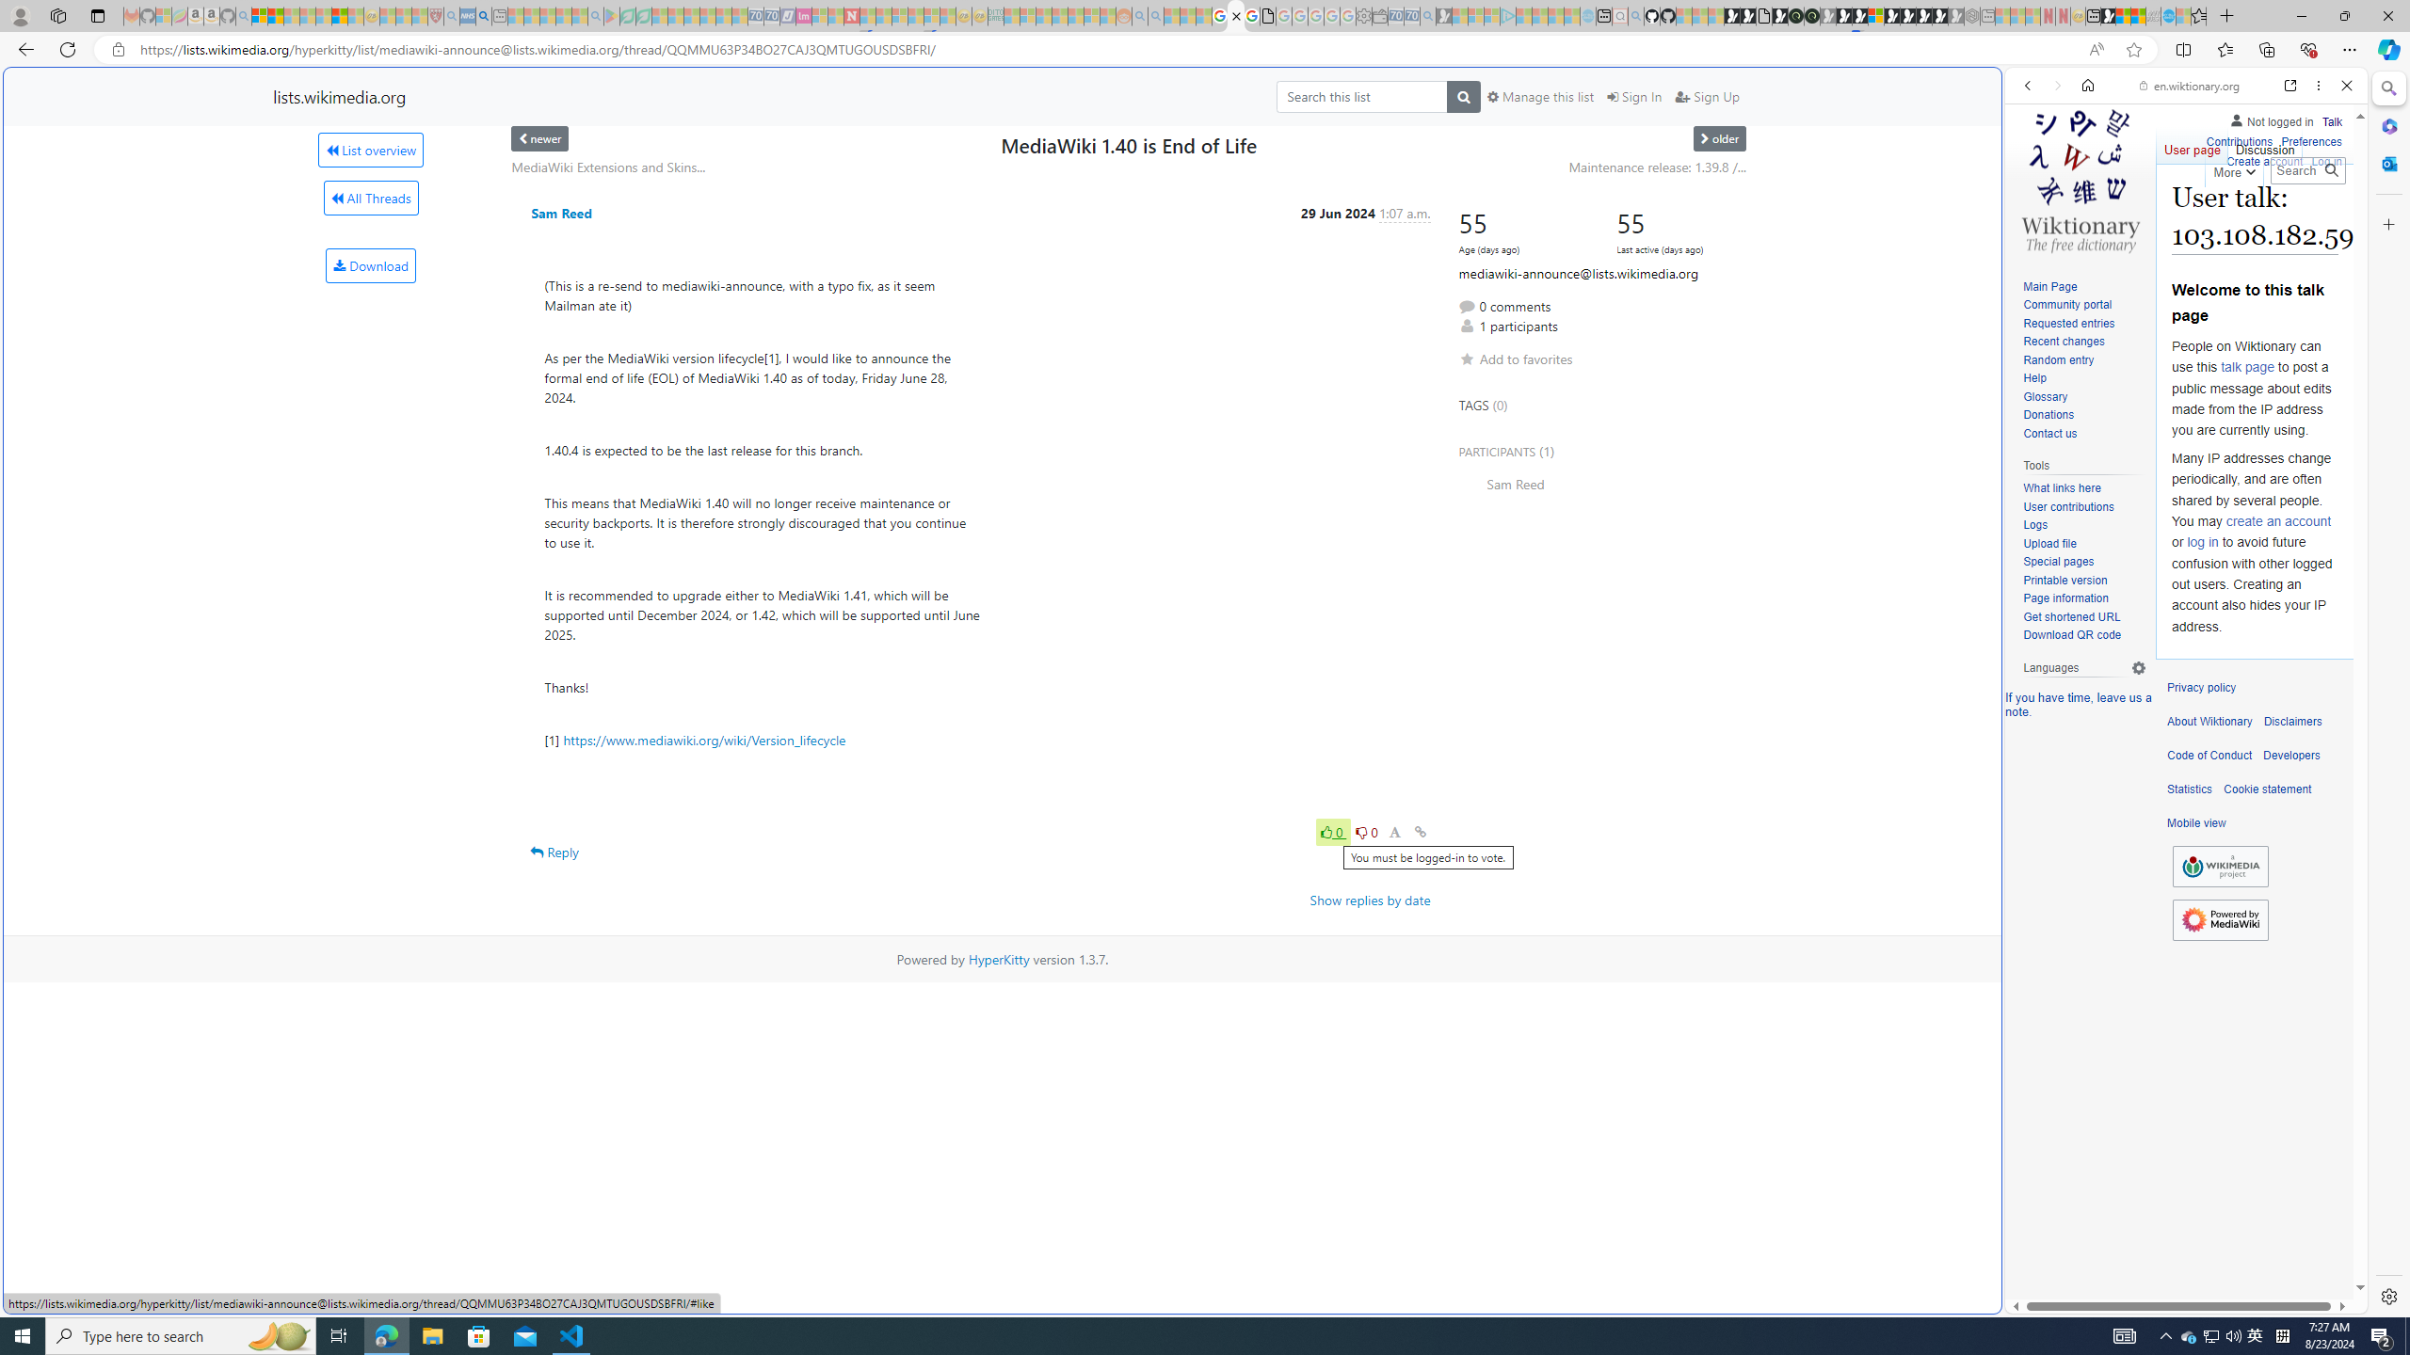 This screenshot has height=1355, width=2410. Describe the element at coordinates (2330, 121) in the screenshot. I see `'Talk'` at that location.